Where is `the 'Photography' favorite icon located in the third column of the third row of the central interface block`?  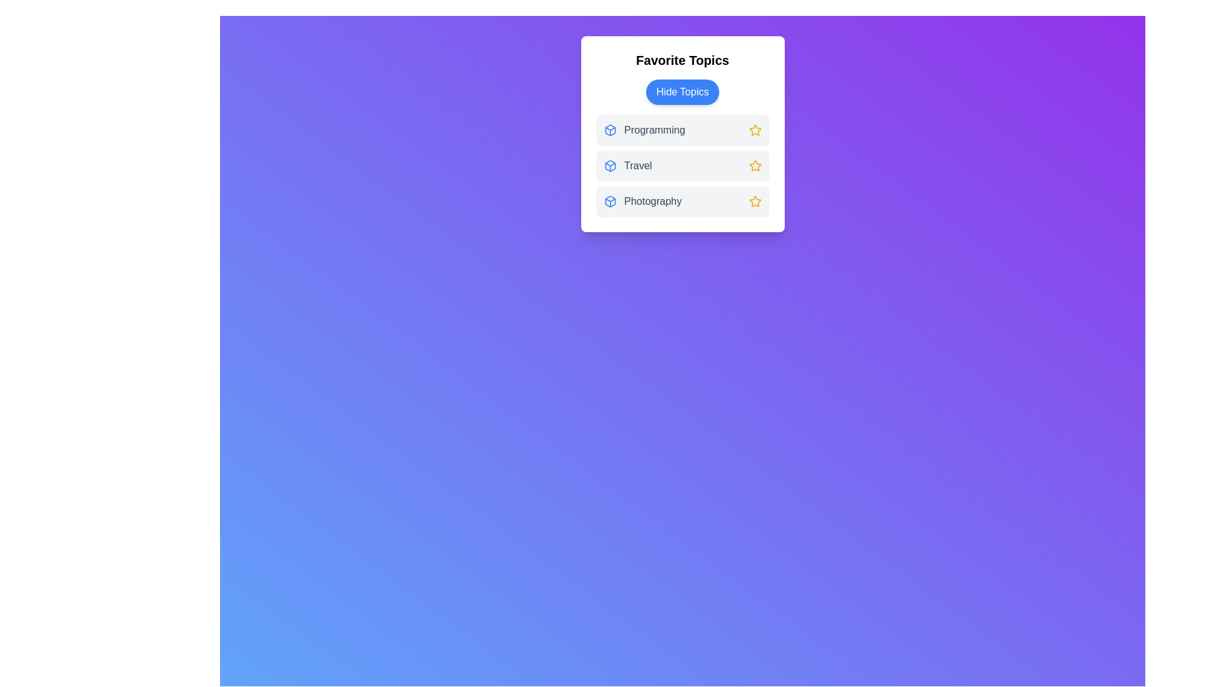
the 'Photography' favorite icon located in the third column of the third row of the central interface block is located at coordinates (754, 200).